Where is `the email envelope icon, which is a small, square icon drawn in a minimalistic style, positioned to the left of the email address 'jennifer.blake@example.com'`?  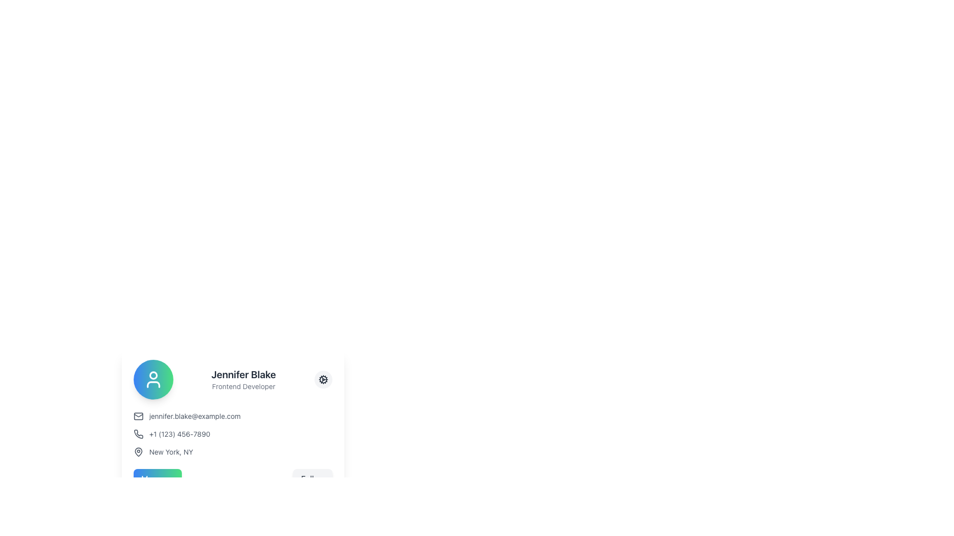
the email envelope icon, which is a small, square icon drawn in a minimalistic style, positioned to the left of the email address 'jennifer.blake@example.com' is located at coordinates (138, 416).